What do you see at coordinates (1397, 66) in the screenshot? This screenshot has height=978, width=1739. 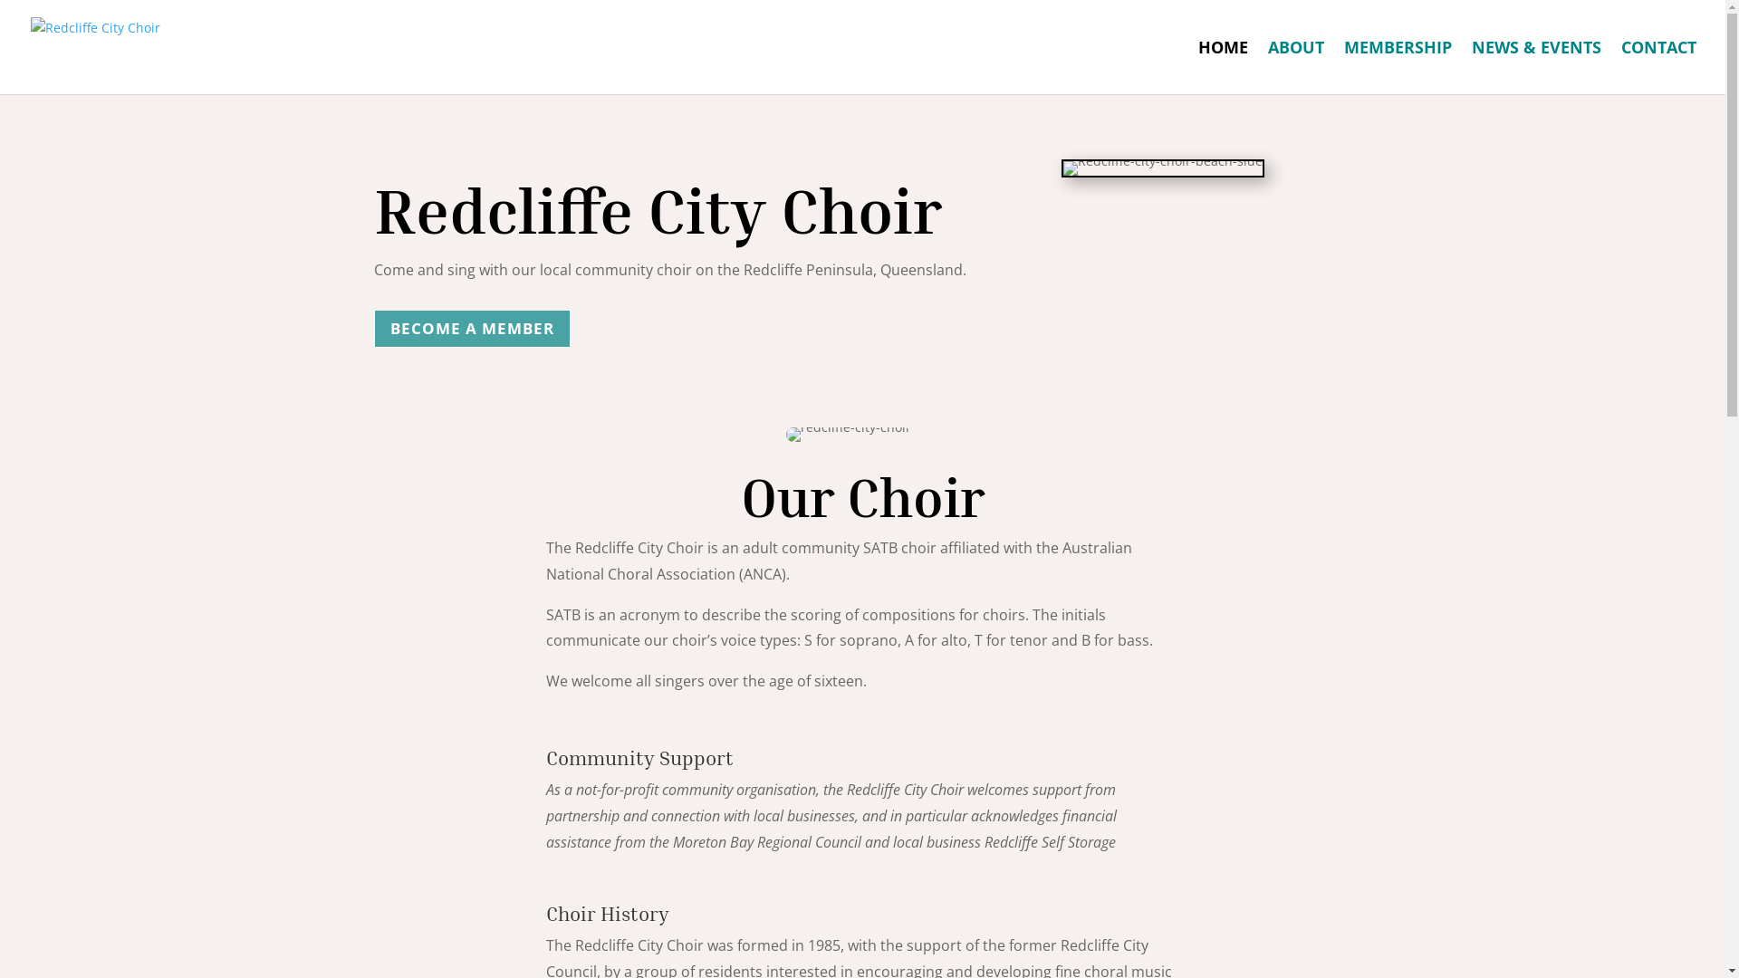 I see `'MEMBERSHIP'` at bounding box center [1397, 66].